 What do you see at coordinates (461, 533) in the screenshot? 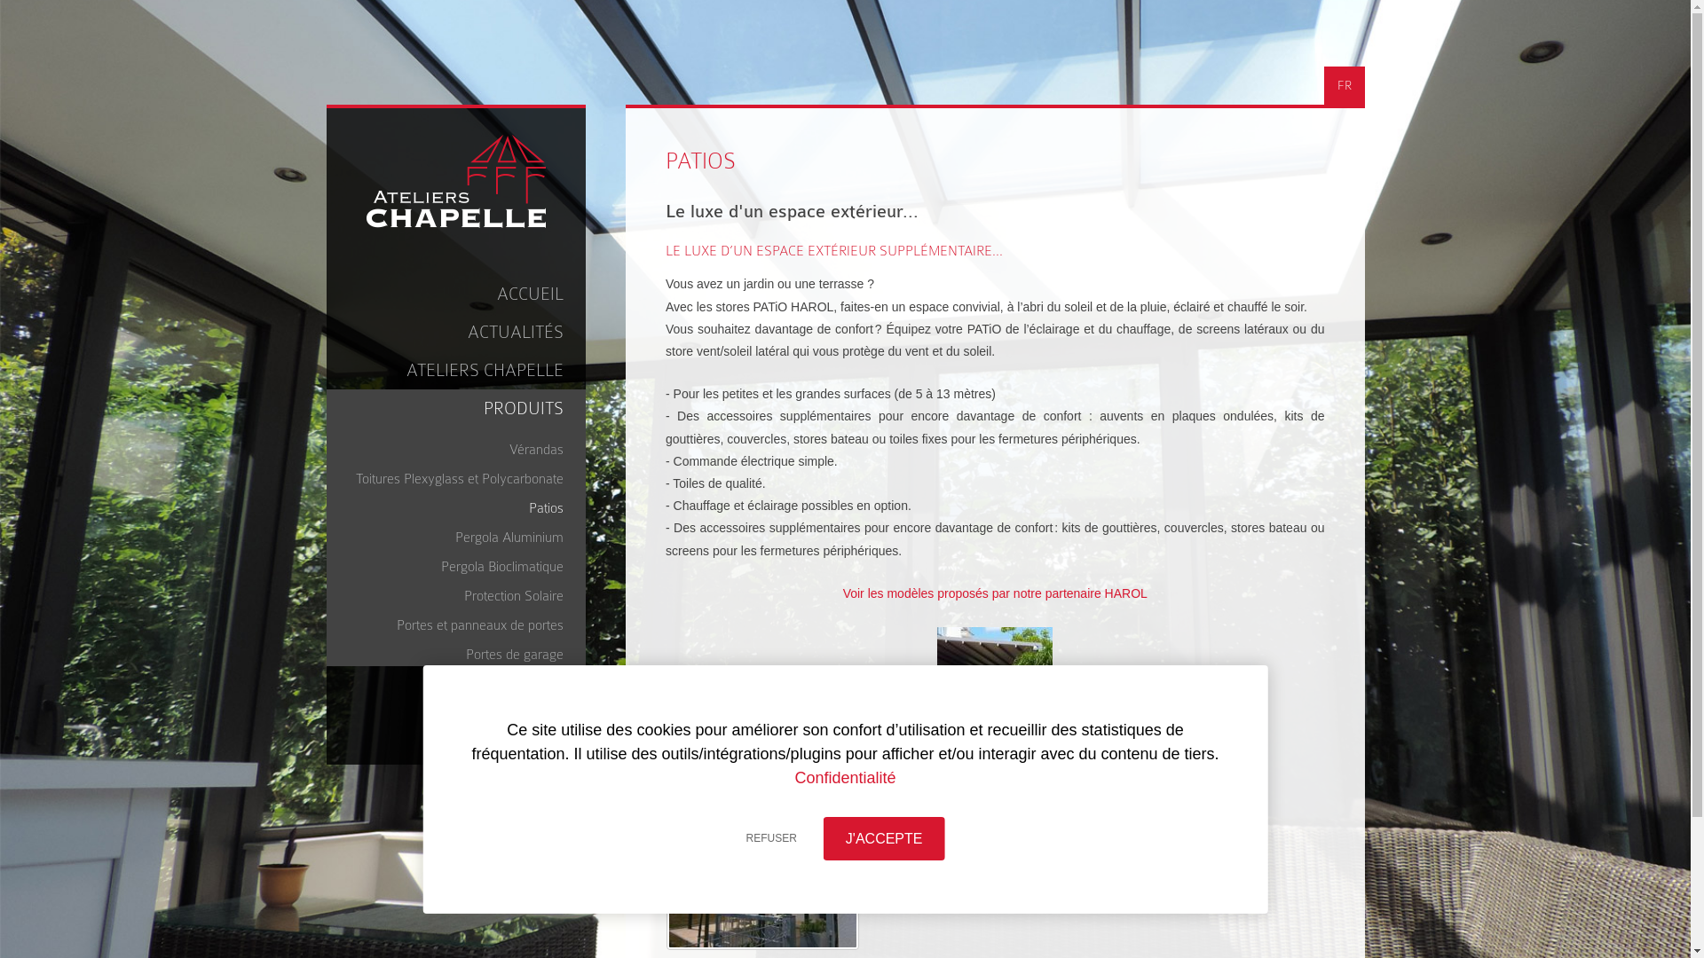
I see `'Pergola Aluminium'` at bounding box center [461, 533].